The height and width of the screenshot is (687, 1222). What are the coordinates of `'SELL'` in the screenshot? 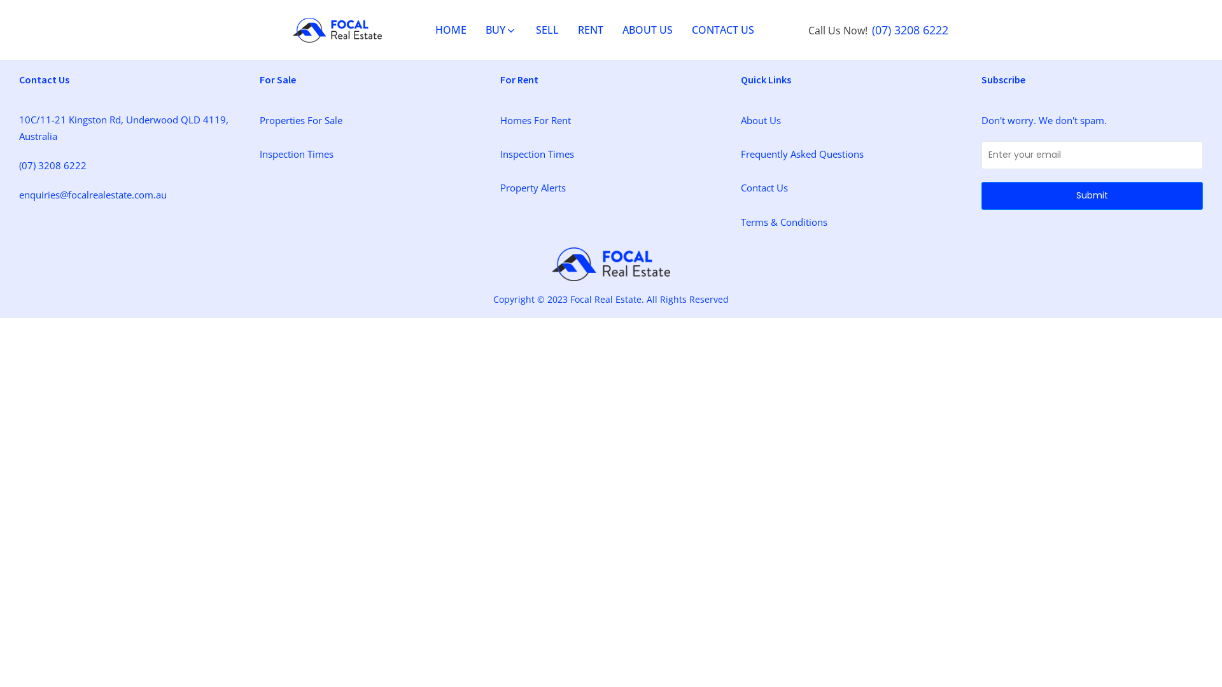 It's located at (547, 29).